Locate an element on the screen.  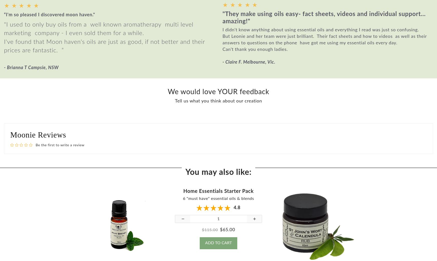
'"They make using oils easy- fact sheets, videos and individual support... amazing!"' is located at coordinates (324, 21).